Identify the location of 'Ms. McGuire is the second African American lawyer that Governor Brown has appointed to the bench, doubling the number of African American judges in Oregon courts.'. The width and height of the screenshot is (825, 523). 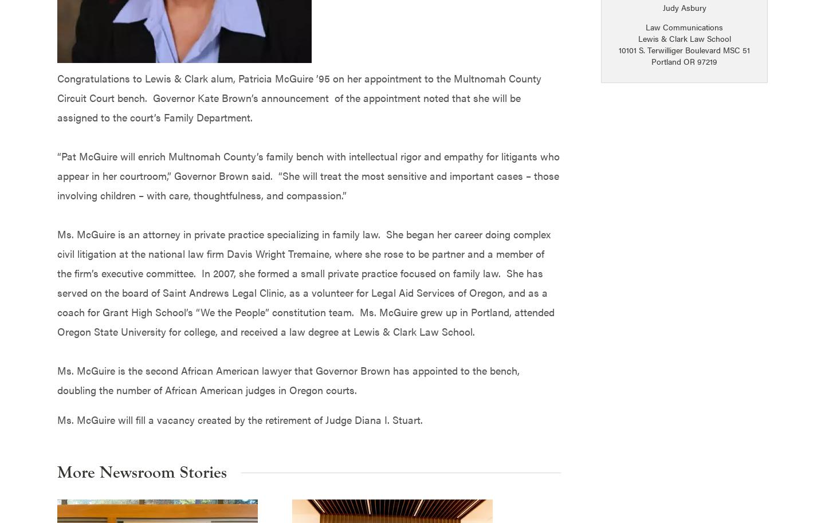
(288, 379).